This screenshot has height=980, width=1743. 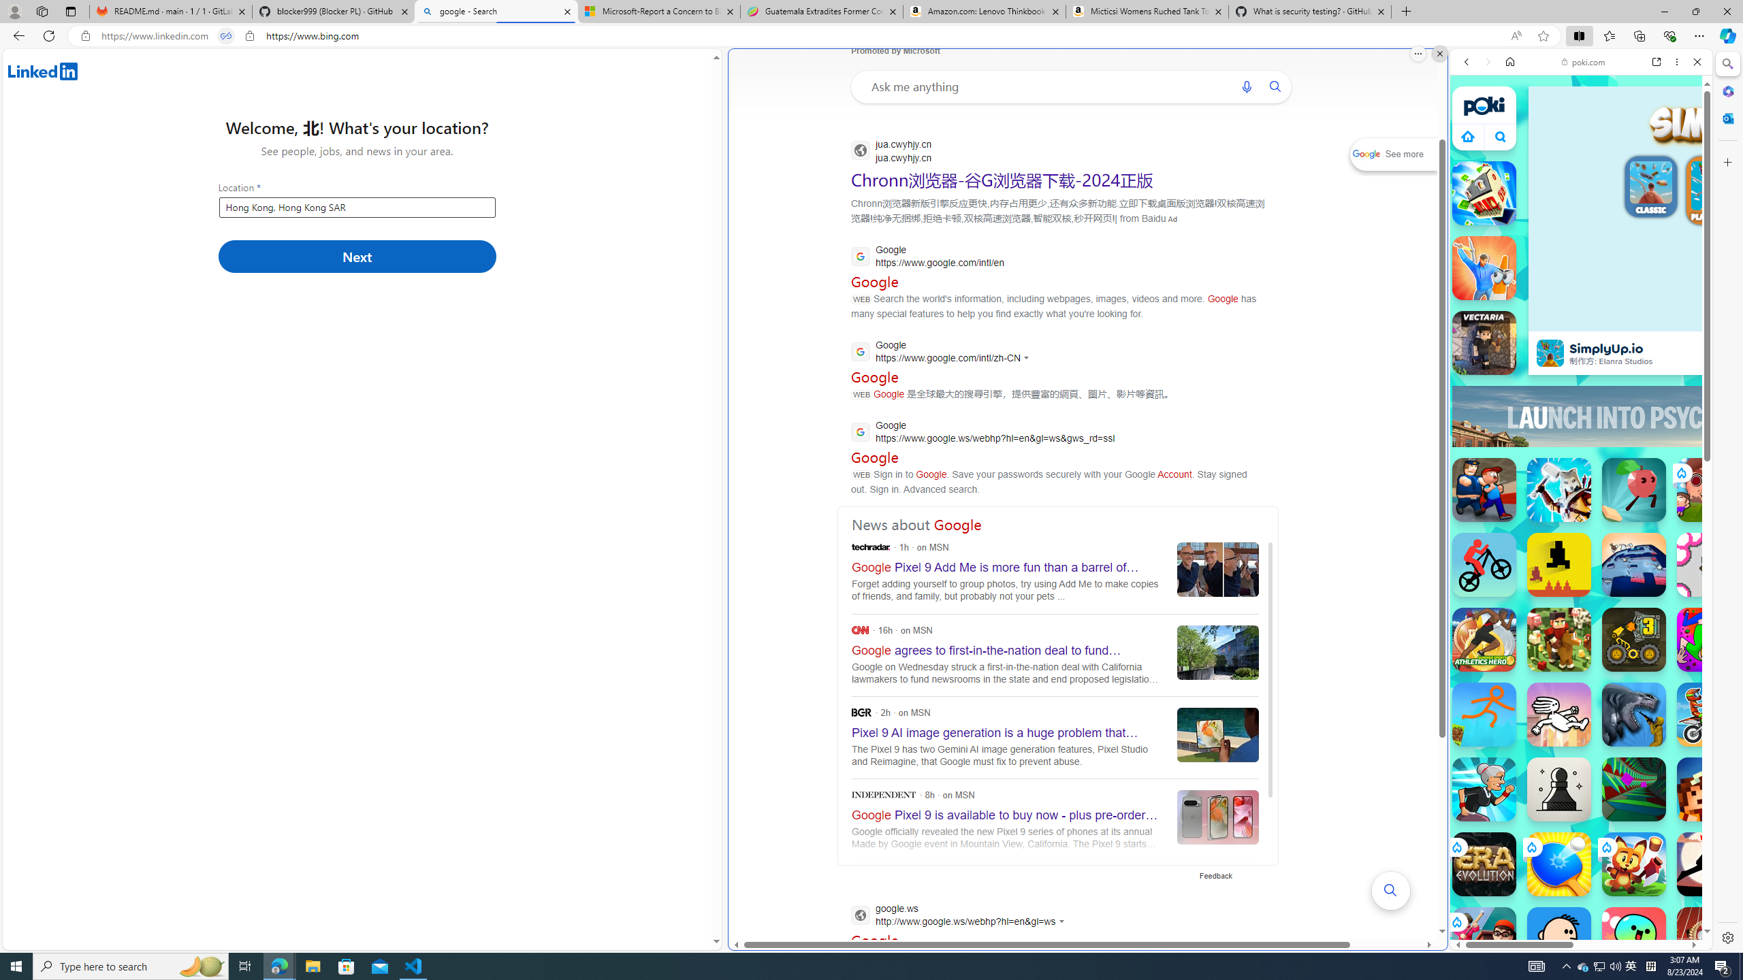 What do you see at coordinates (1663, 321) in the screenshot?
I see `'Show More Car Games'` at bounding box center [1663, 321].